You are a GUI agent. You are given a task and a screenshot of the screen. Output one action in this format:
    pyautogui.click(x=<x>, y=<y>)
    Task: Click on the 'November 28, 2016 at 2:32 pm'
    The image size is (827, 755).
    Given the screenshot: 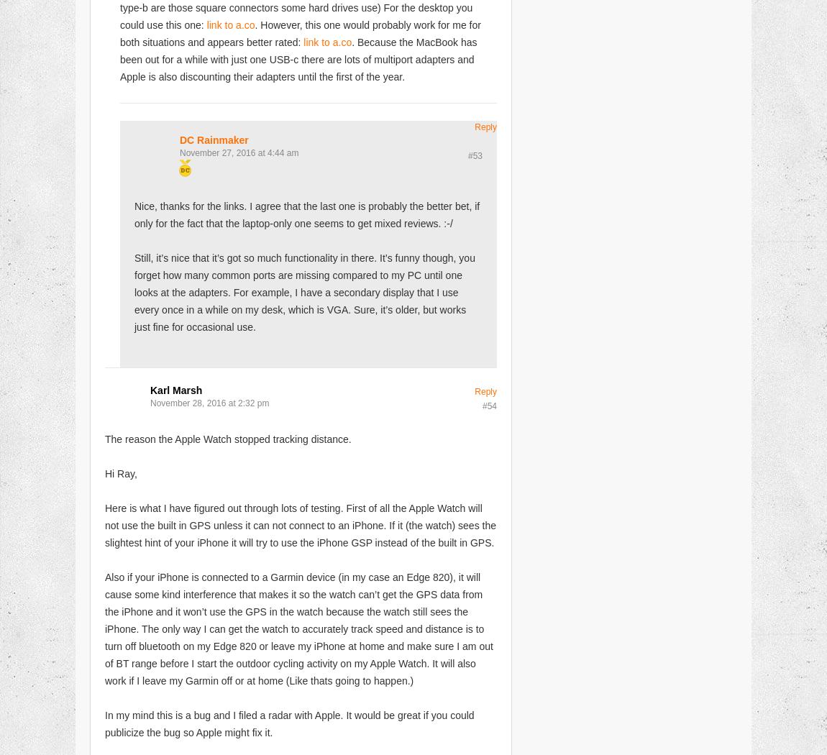 What is the action you would take?
    pyautogui.click(x=209, y=402)
    